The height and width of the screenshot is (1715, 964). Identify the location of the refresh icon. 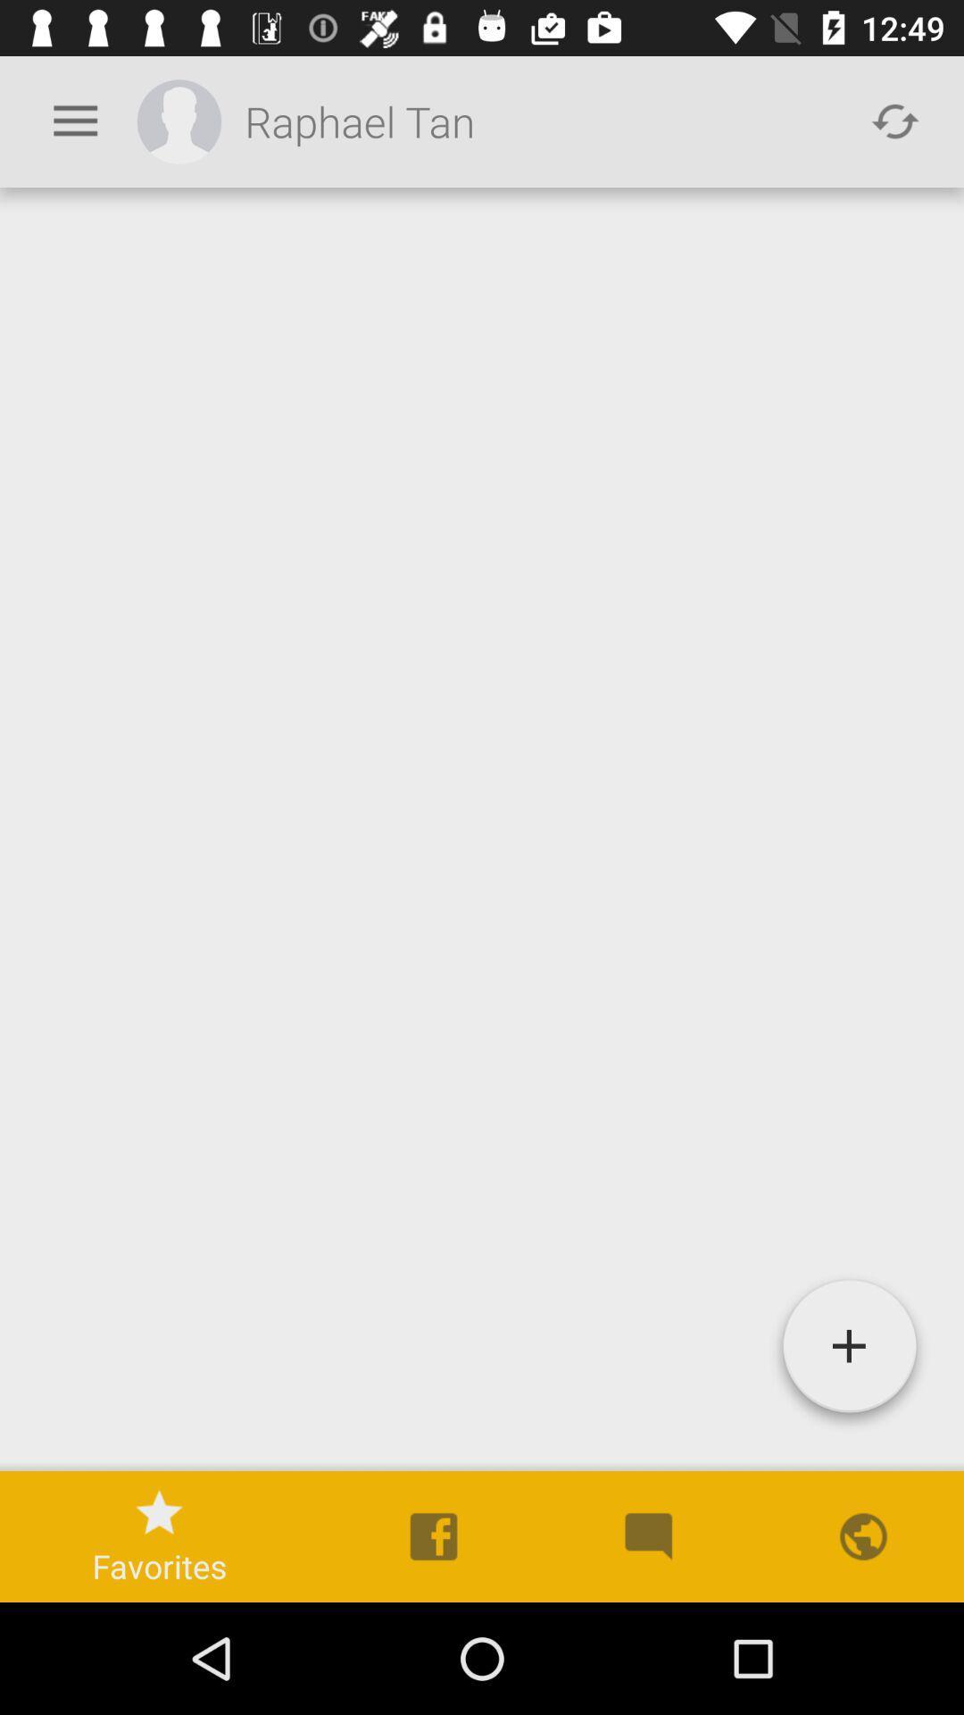
(884, 121).